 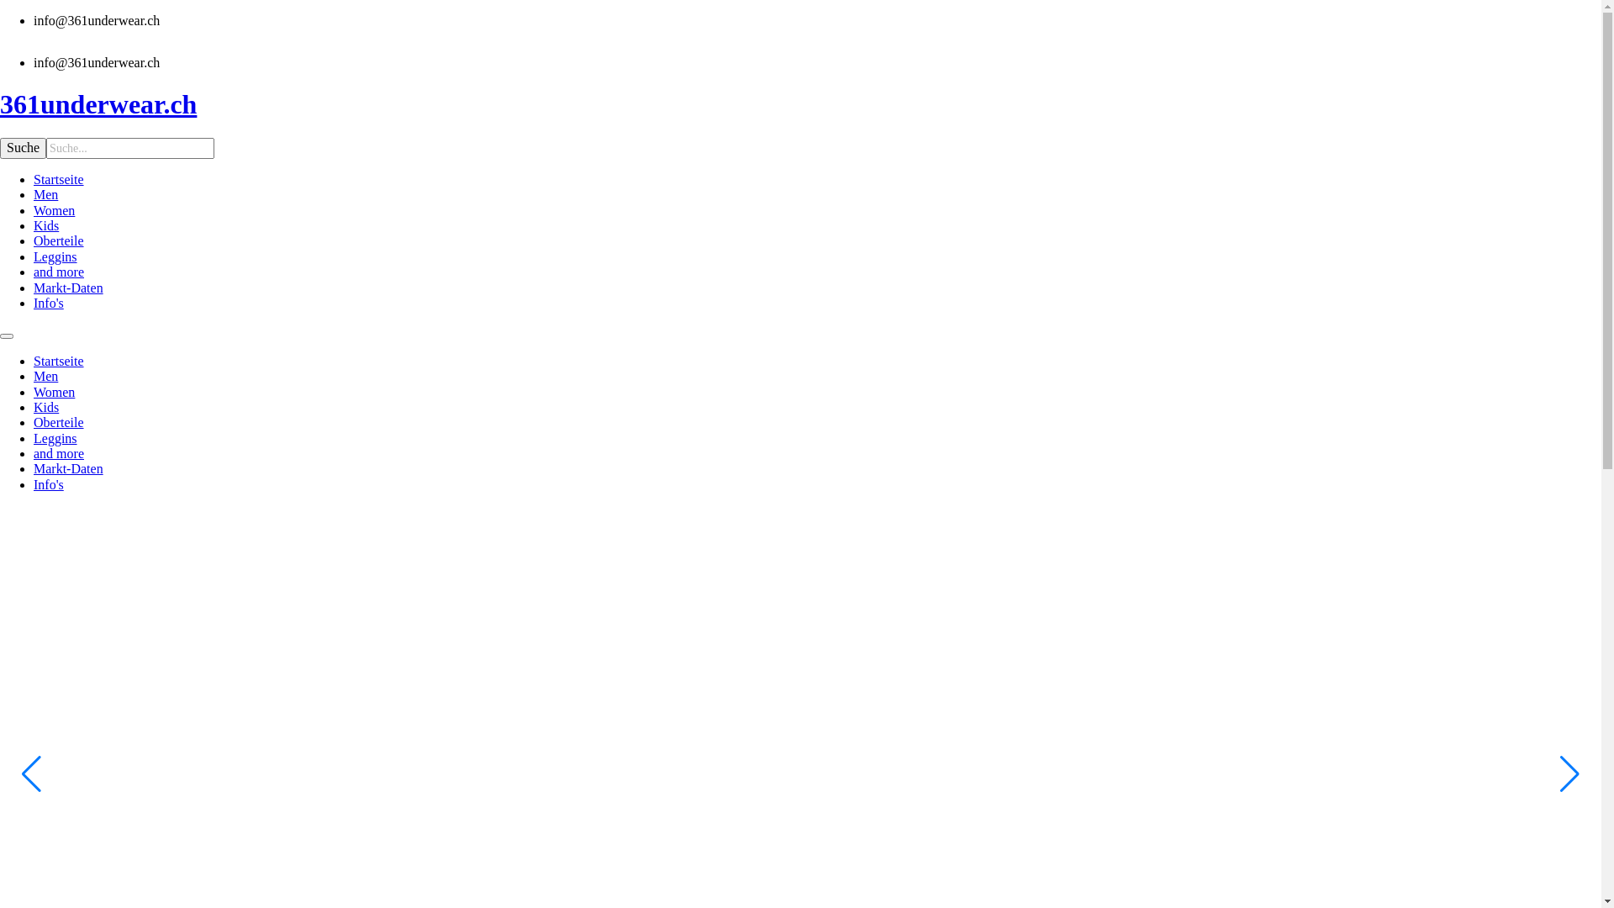 What do you see at coordinates (55, 256) in the screenshot?
I see `'Leggins'` at bounding box center [55, 256].